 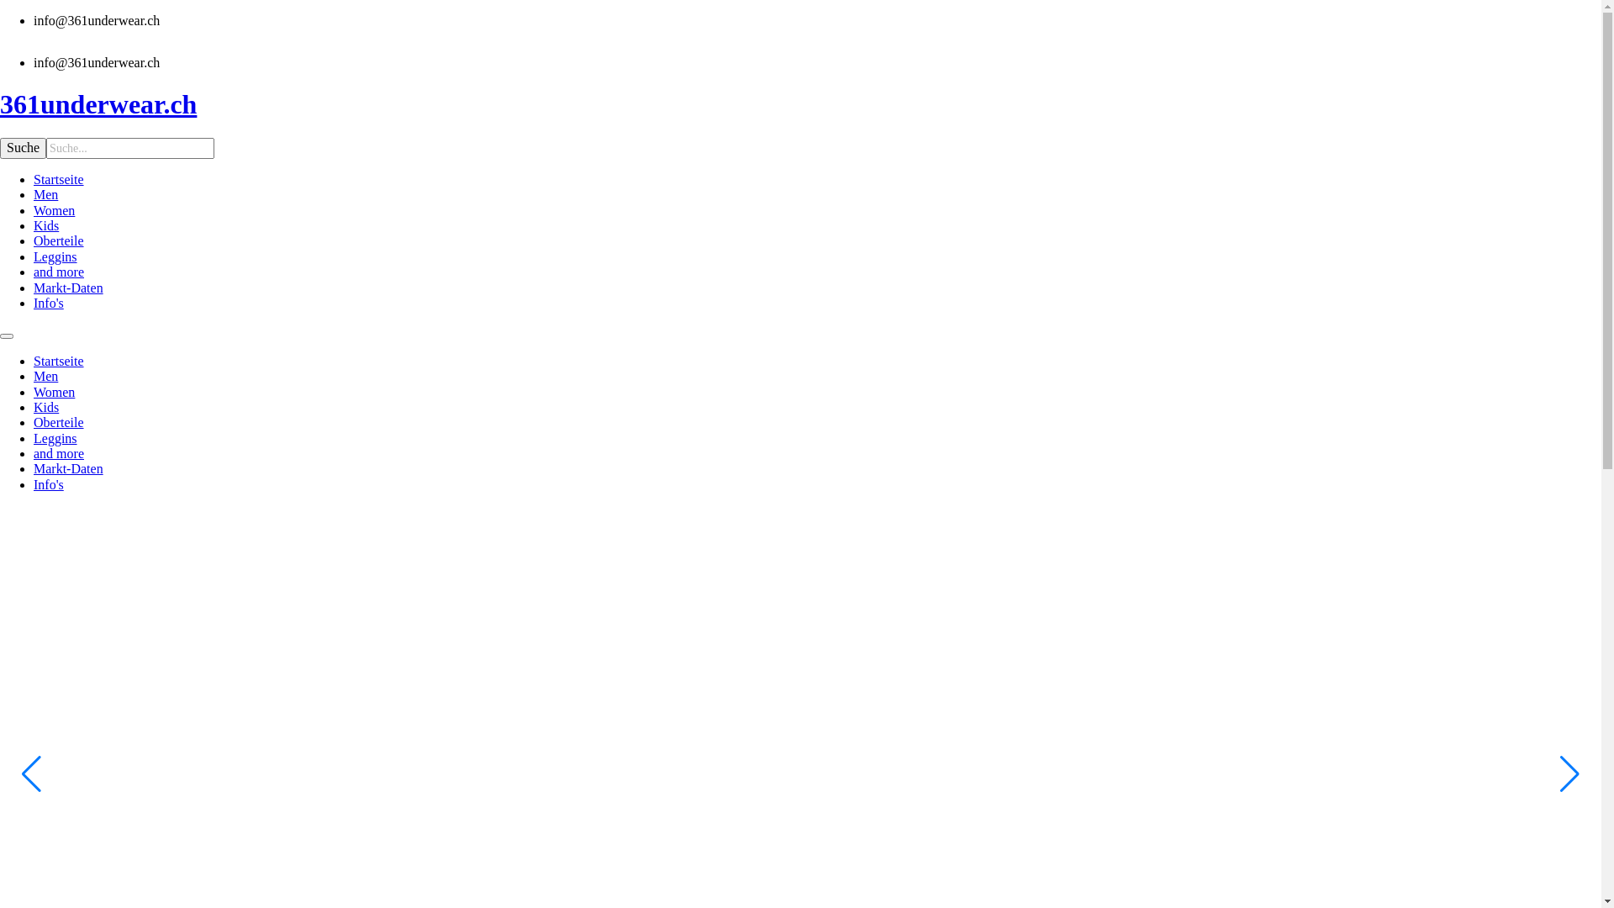 What do you see at coordinates (55, 256) in the screenshot?
I see `'Leggins'` at bounding box center [55, 256].